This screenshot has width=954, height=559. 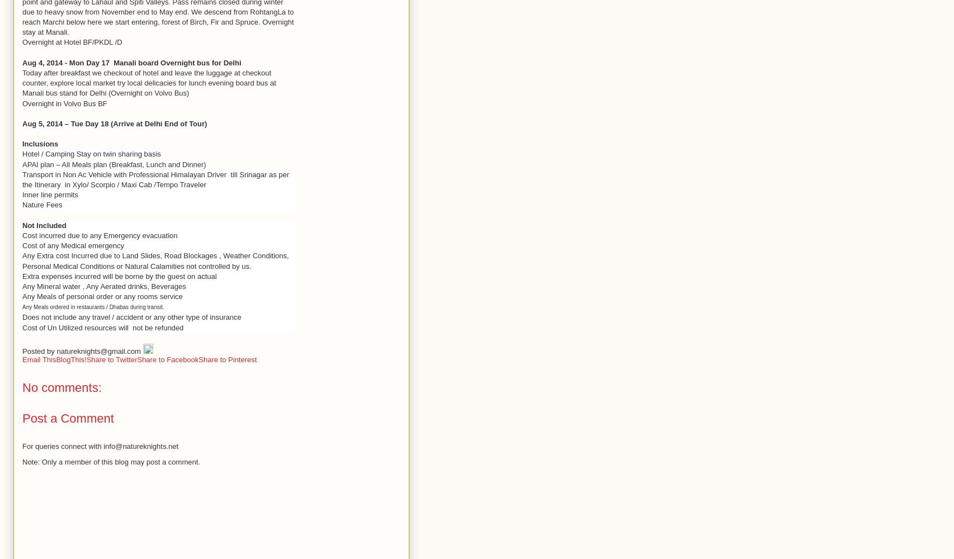 I want to click on 'Aug 5, 2014 – Tue Day 18 (Arrive at Delhi End of Tour)', so click(x=115, y=122).